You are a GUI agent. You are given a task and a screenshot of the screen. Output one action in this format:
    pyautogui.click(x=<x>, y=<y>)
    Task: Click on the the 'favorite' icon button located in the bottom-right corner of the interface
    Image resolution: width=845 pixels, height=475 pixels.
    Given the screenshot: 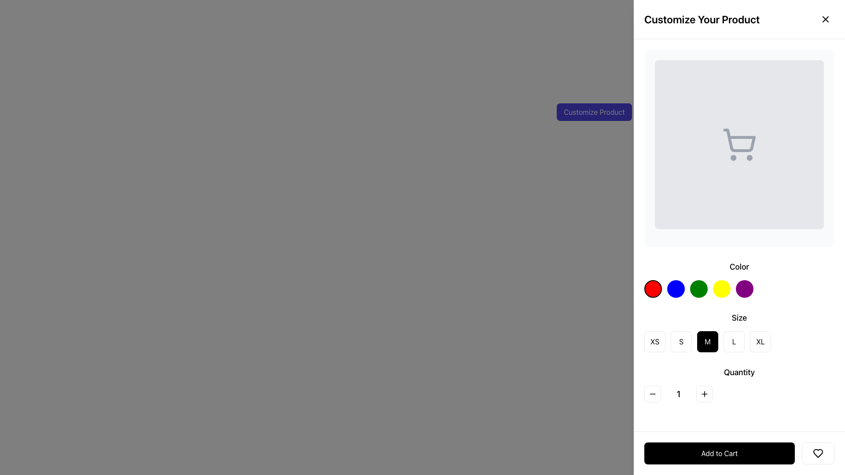 What is the action you would take?
    pyautogui.click(x=817, y=453)
    